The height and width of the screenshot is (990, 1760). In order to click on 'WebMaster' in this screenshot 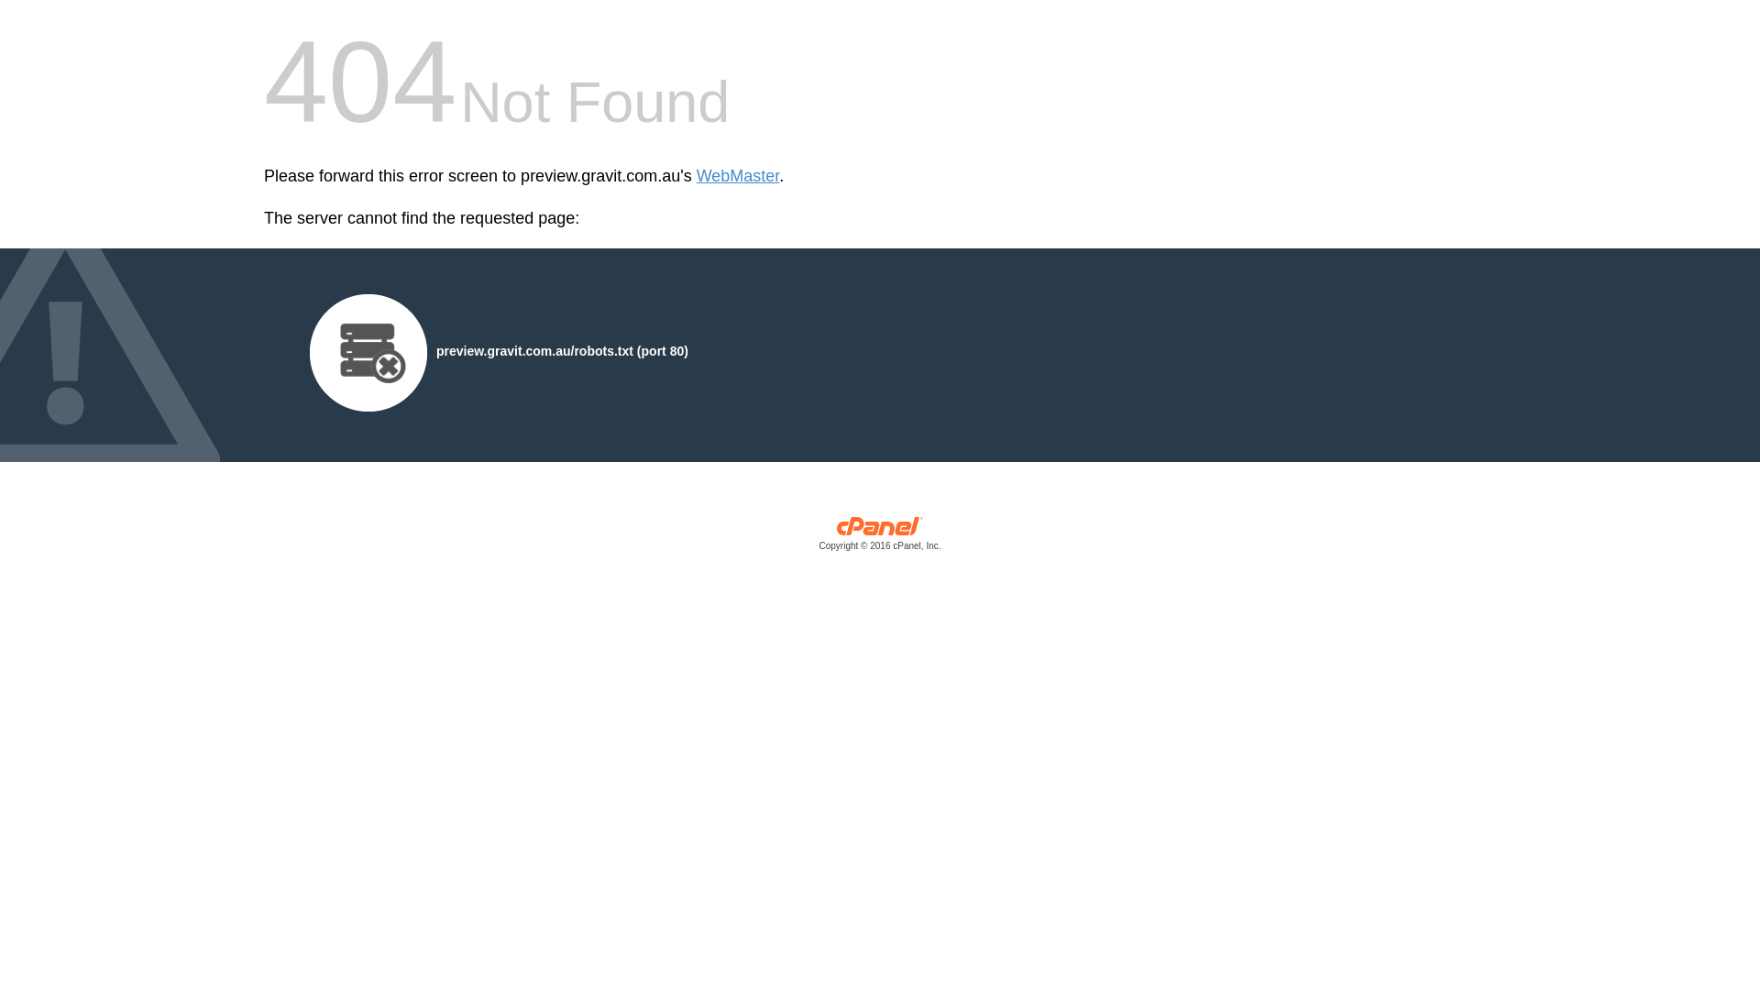, I will do `click(738, 176)`.